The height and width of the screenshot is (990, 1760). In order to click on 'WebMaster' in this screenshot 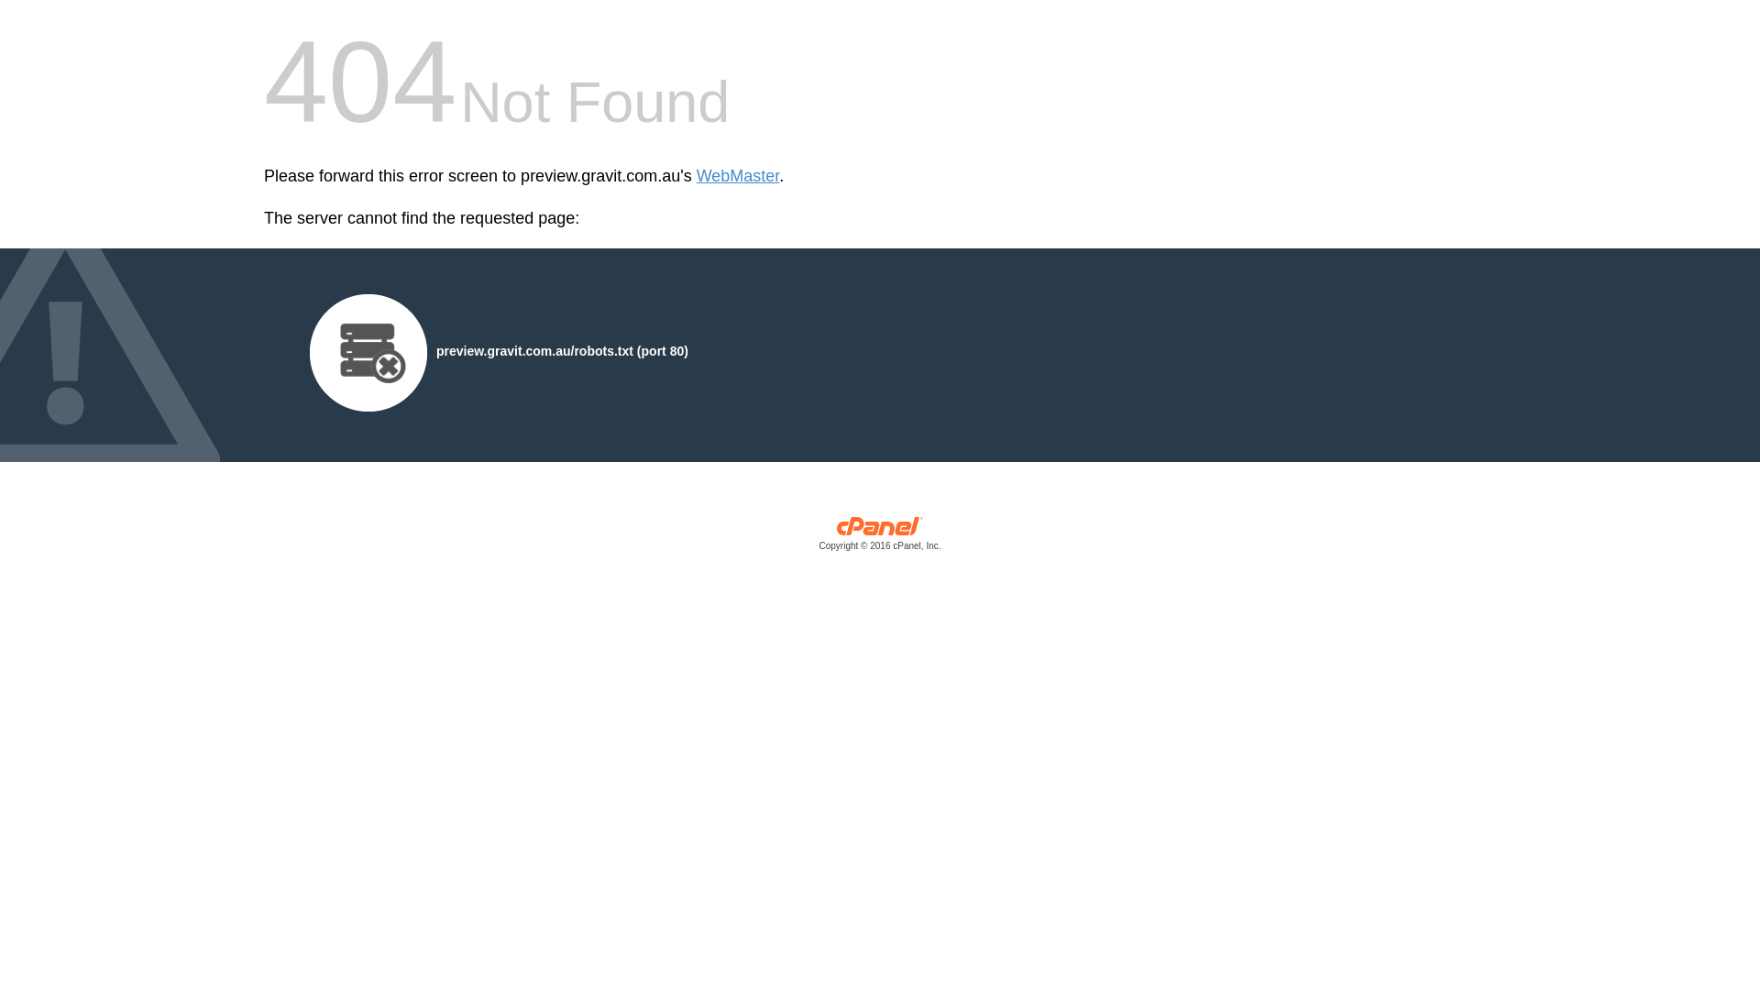, I will do `click(738, 176)`.